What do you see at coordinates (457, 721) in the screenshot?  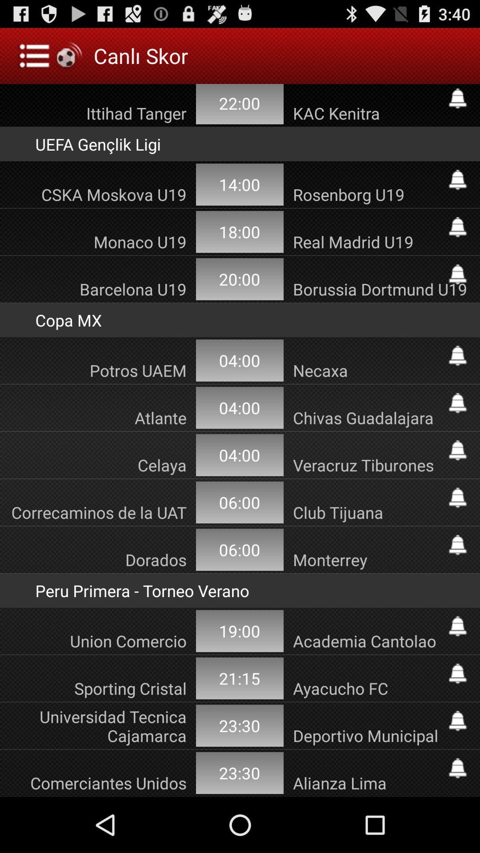 I see `notification for game` at bounding box center [457, 721].